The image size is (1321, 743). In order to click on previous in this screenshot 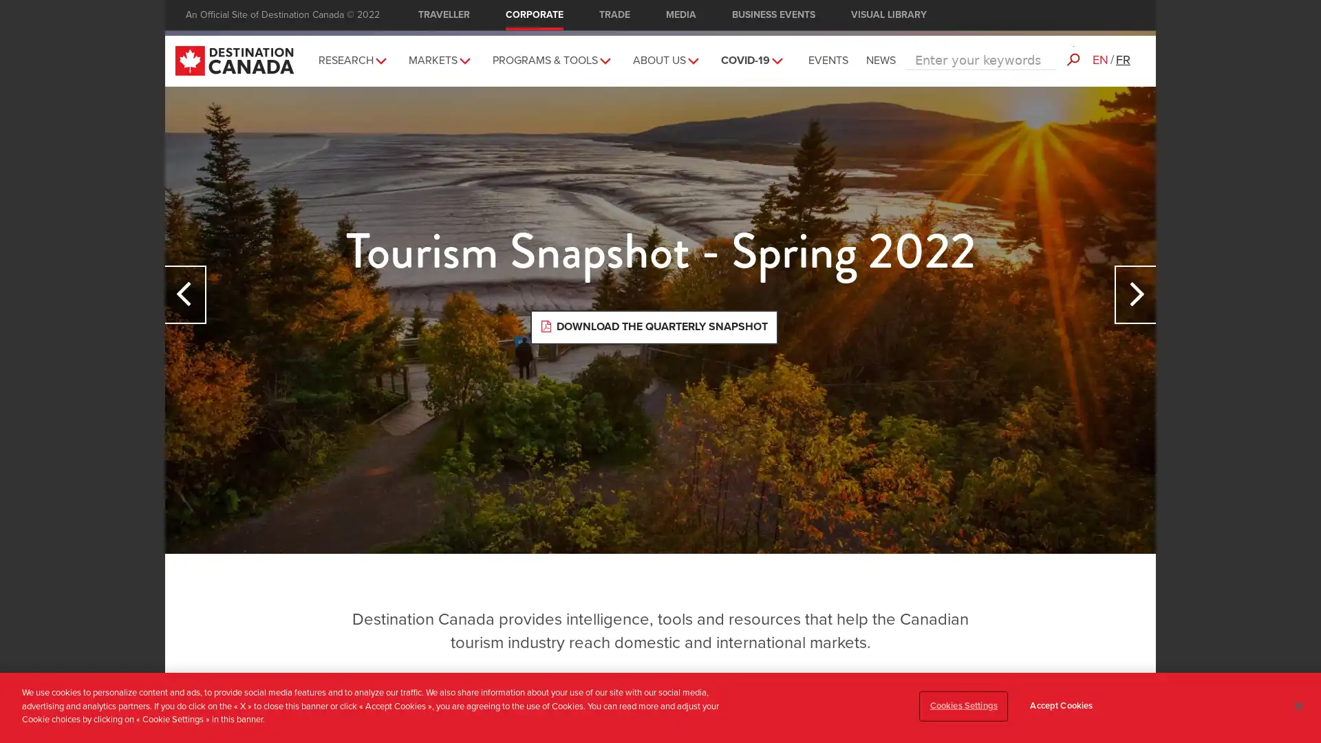, I will do `click(184, 293)`.